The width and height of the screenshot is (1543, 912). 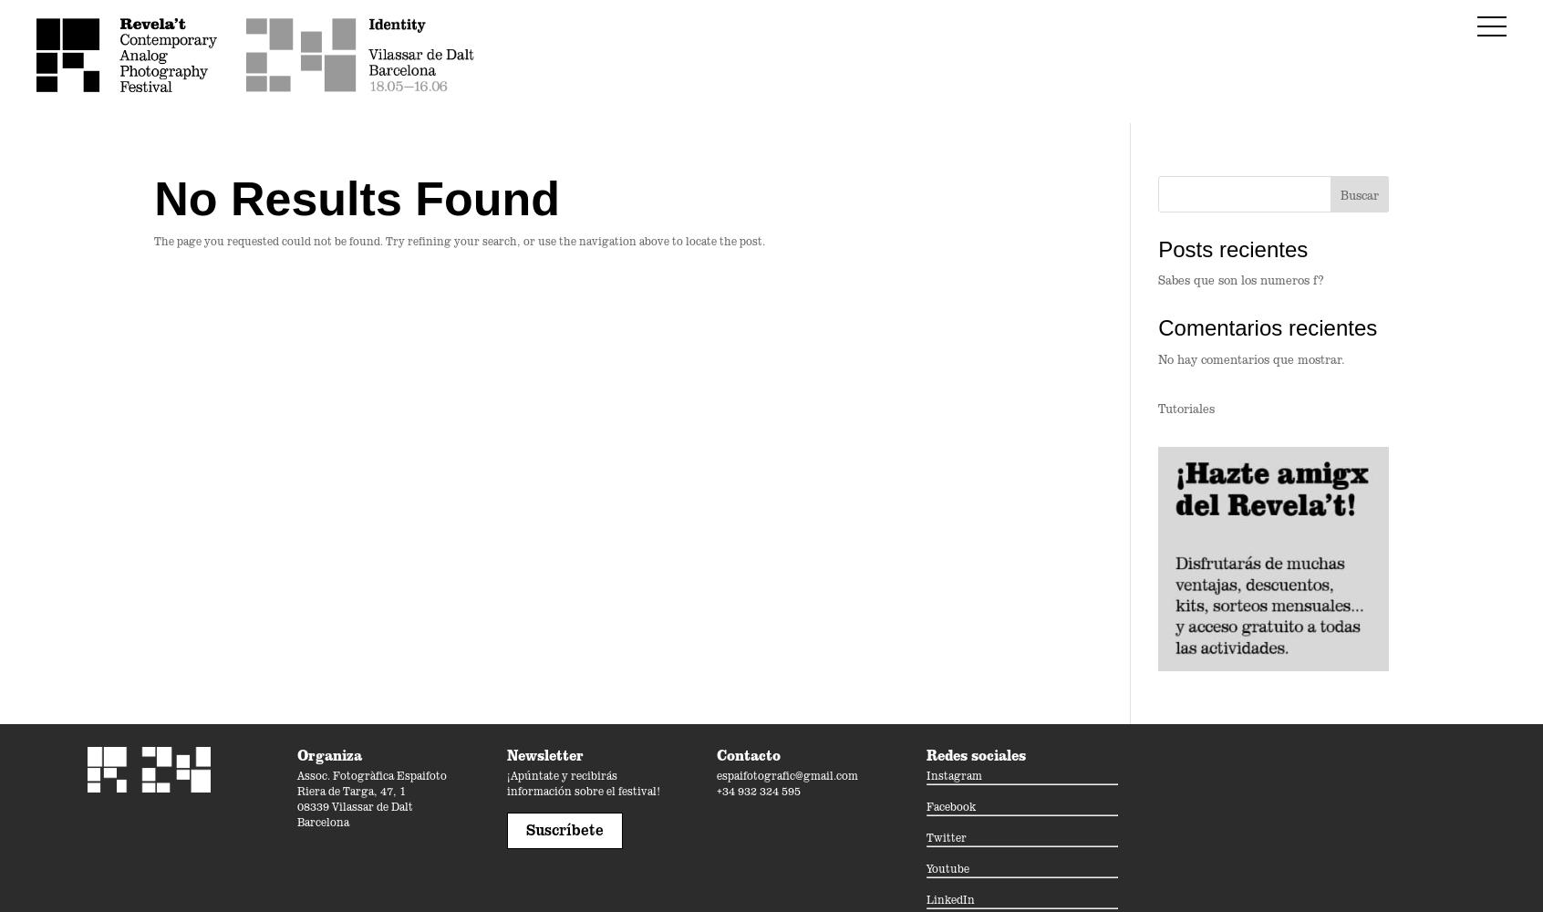 I want to click on 'The page you requested could not be found. Try refining your search, or use the navigation above to locate the post.', so click(x=460, y=241).